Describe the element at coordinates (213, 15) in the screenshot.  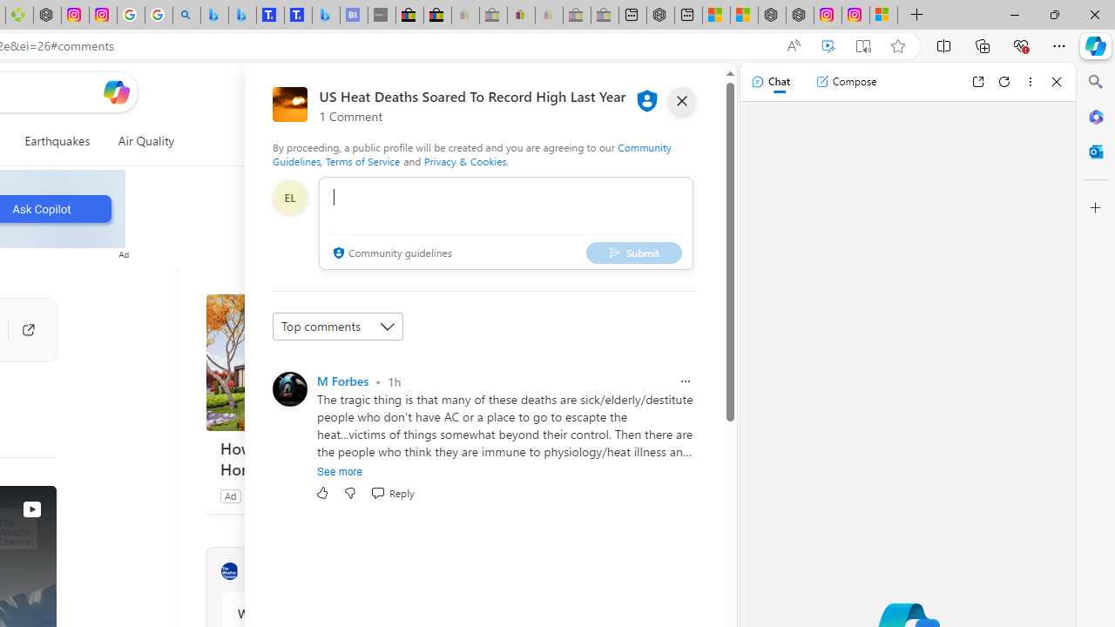
I see `'Microsoft Bing Travel - Flights from Hong Kong to Bangkok'` at that location.